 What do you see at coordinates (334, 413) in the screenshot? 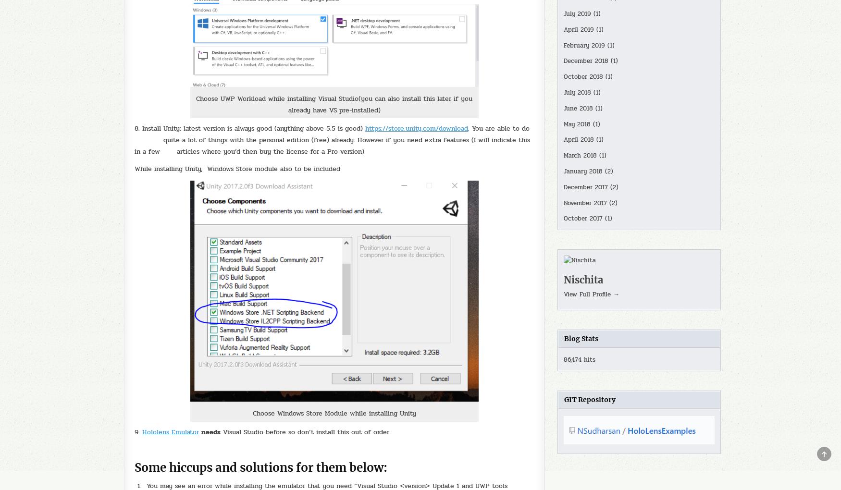
I see `'Choose Windows Store Module while installing Unity'` at bounding box center [334, 413].